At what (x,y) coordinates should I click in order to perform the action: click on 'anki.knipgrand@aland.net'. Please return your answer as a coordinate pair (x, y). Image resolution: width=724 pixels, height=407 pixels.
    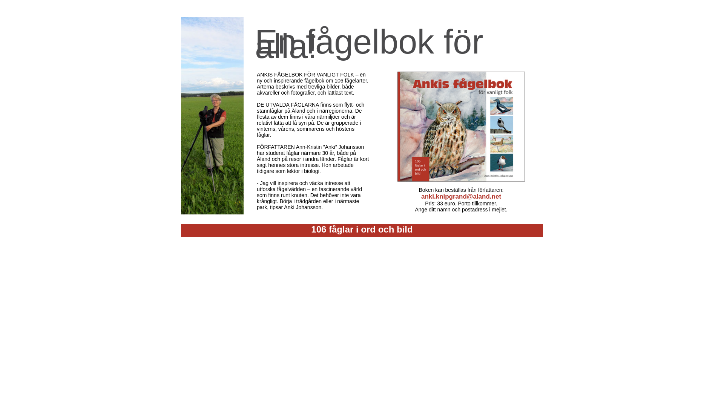
    Looking at the image, I should click on (421, 196).